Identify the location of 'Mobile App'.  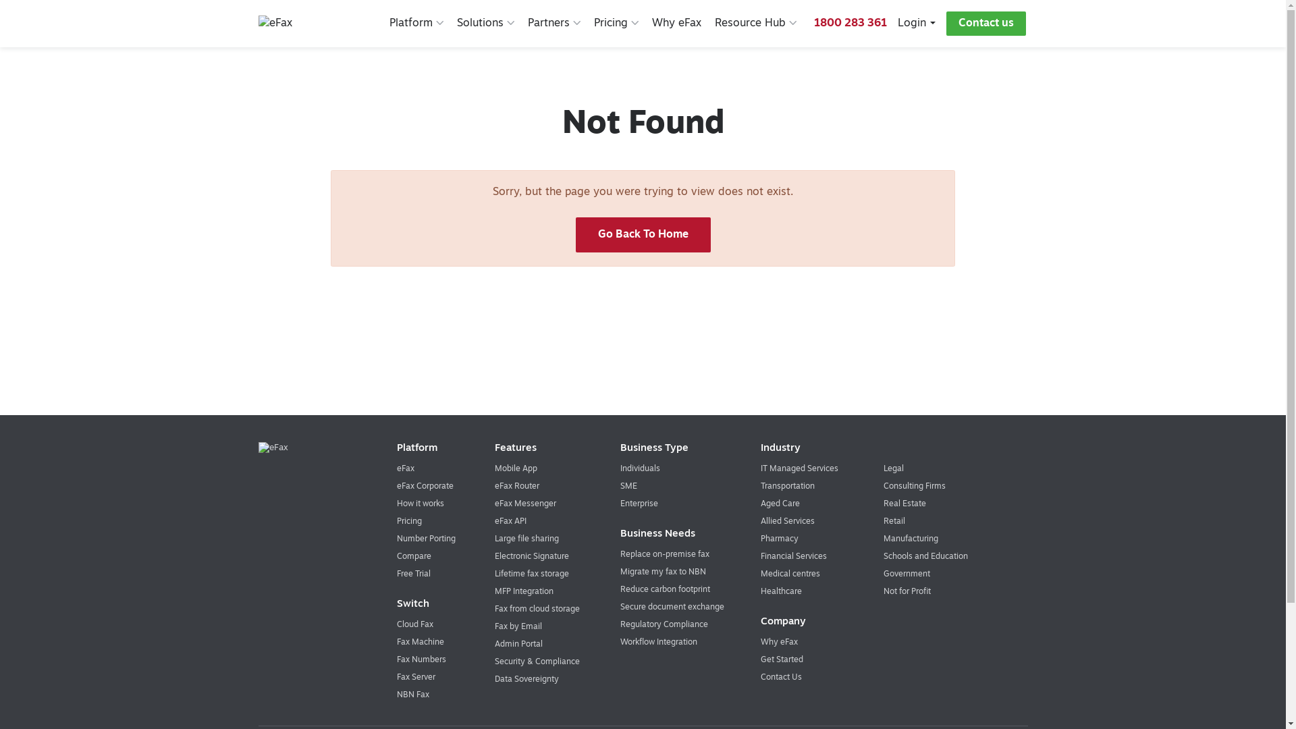
(515, 468).